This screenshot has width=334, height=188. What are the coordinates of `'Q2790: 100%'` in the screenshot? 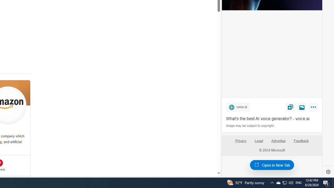 It's located at (290, 182).